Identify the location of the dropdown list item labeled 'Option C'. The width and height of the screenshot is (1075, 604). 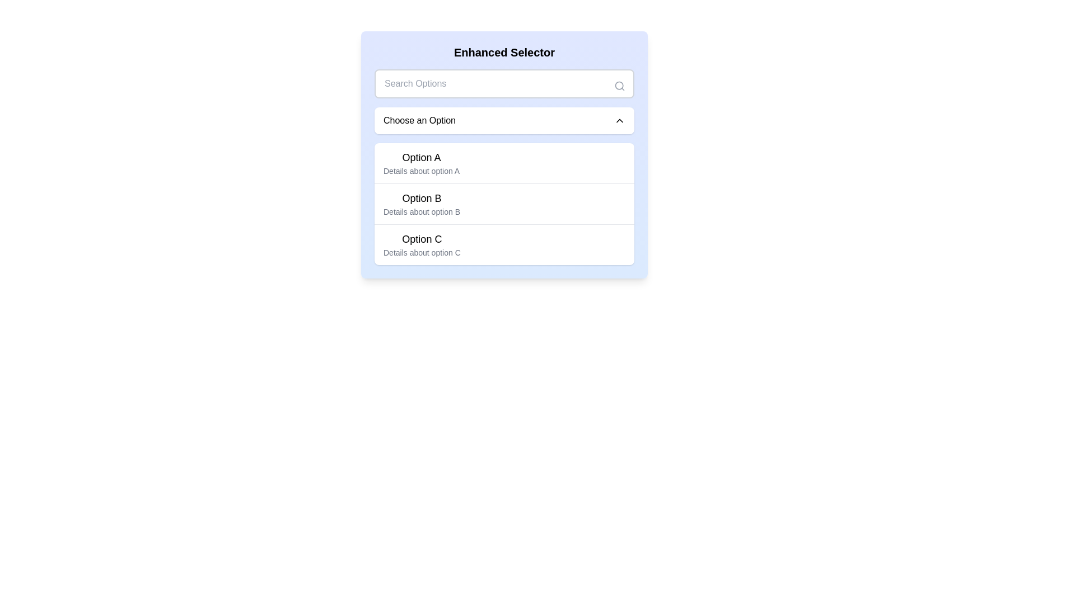
(504, 244).